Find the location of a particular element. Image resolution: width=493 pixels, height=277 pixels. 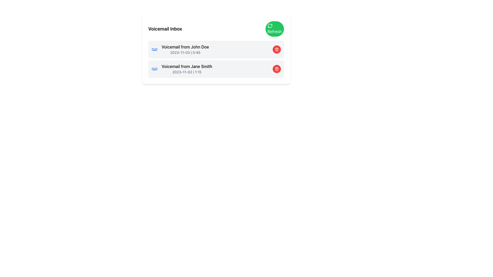

the multiline text element displaying 'Voicemail from John Doe' with the timestamp '2023-11-03 | 0:45' located in the first voicemail item of the 'Voicemail Inbox' is located at coordinates (185, 49).